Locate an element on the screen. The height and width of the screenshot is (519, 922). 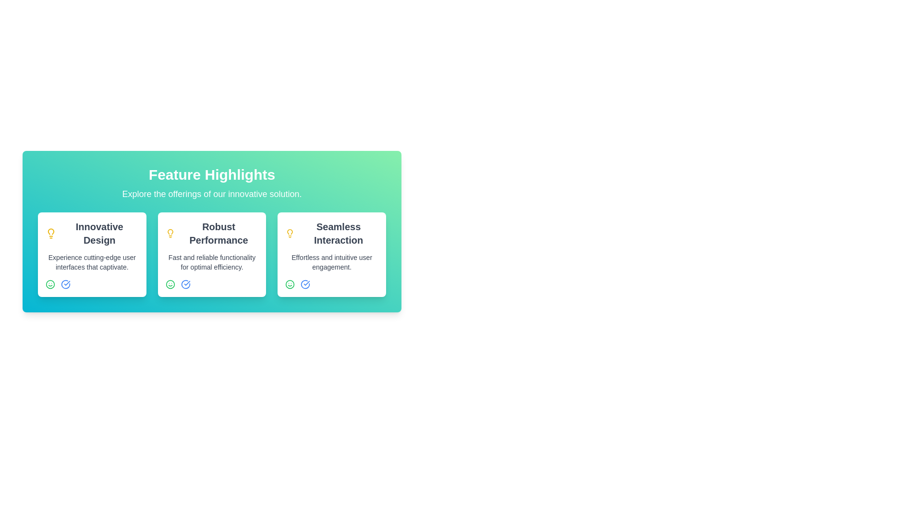
displayed text 'Seamless Interaction' from the text-based heading element located on the rightmost card in a set of three horizontally aligned cards is located at coordinates (339, 234).